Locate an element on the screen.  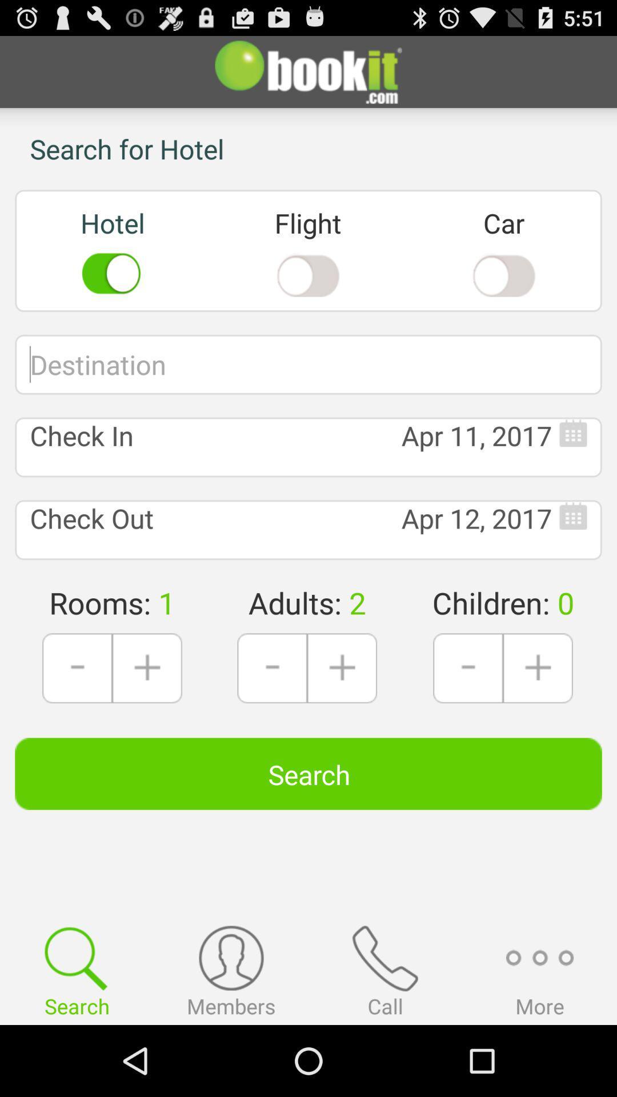
the add icon is located at coordinates (146, 714).